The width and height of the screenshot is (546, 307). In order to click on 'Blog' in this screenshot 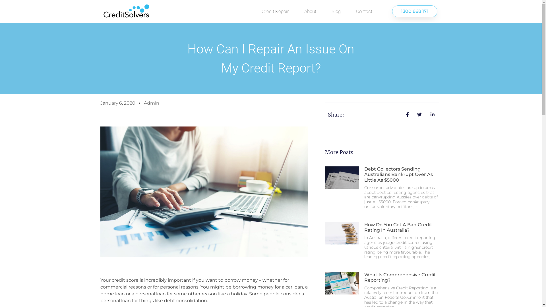, I will do `click(324, 11)`.